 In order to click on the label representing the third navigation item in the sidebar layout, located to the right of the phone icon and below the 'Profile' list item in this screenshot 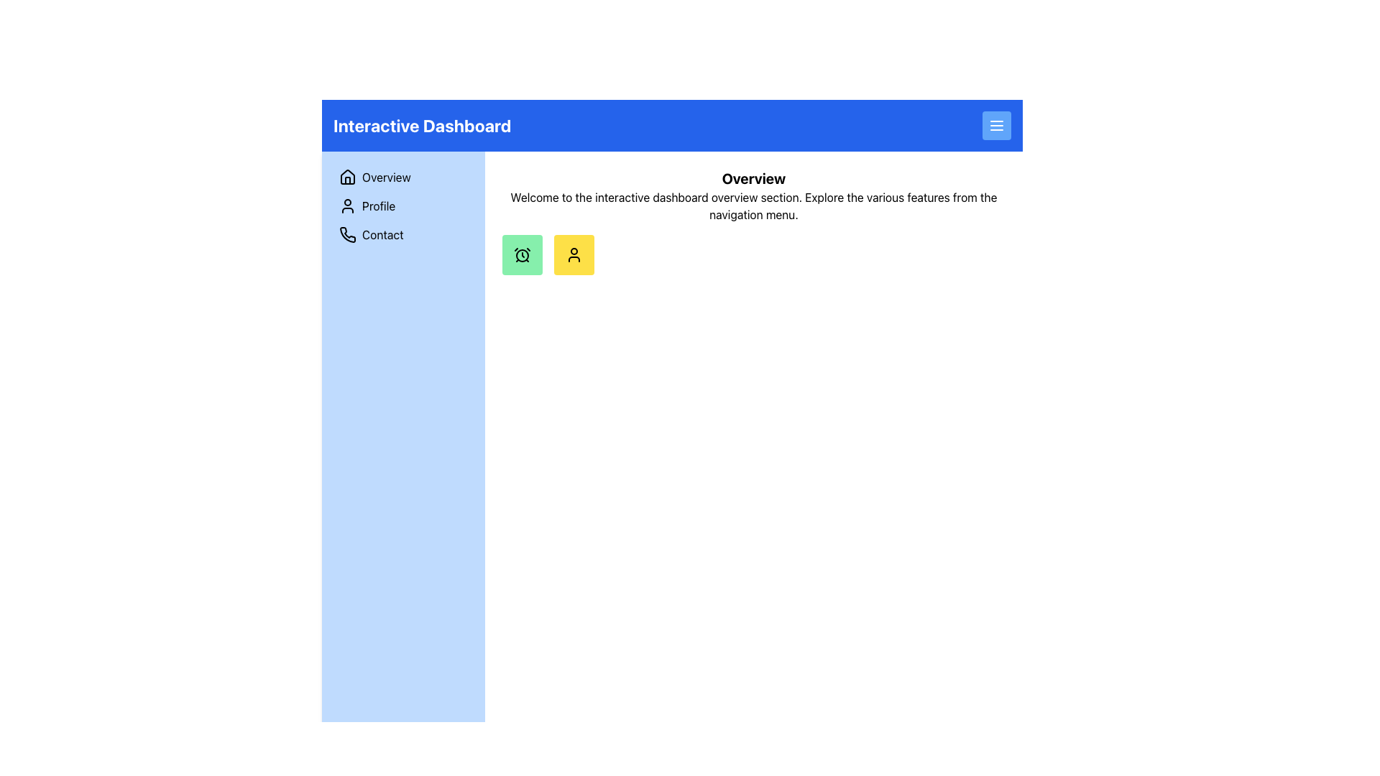, I will do `click(382, 234)`.